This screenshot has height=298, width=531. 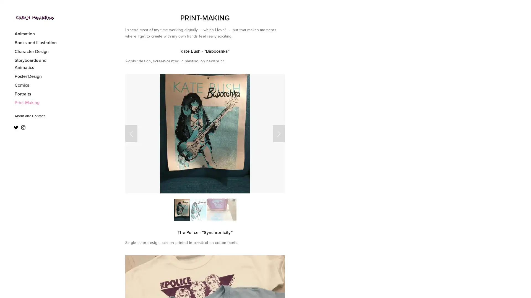 What do you see at coordinates (222, 209) in the screenshot?
I see `Slide 3` at bounding box center [222, 209].